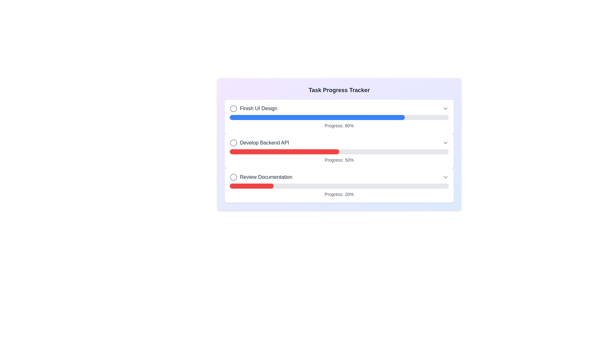 The image size is (611, 343). Describe the element at coordinates (259, 143) in the screenshot. I see `text content of the text label "Develop Backend API" which is styled with medium font weight and grayish-black color, located in the second position of a vertical list of tasks` at that location.